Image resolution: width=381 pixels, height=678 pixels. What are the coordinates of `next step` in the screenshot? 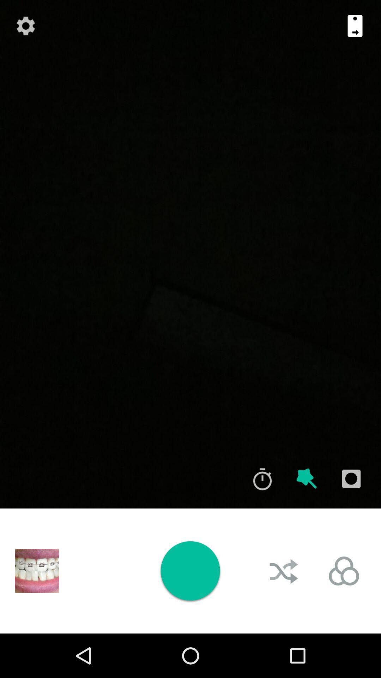 It's located at (355, 26).